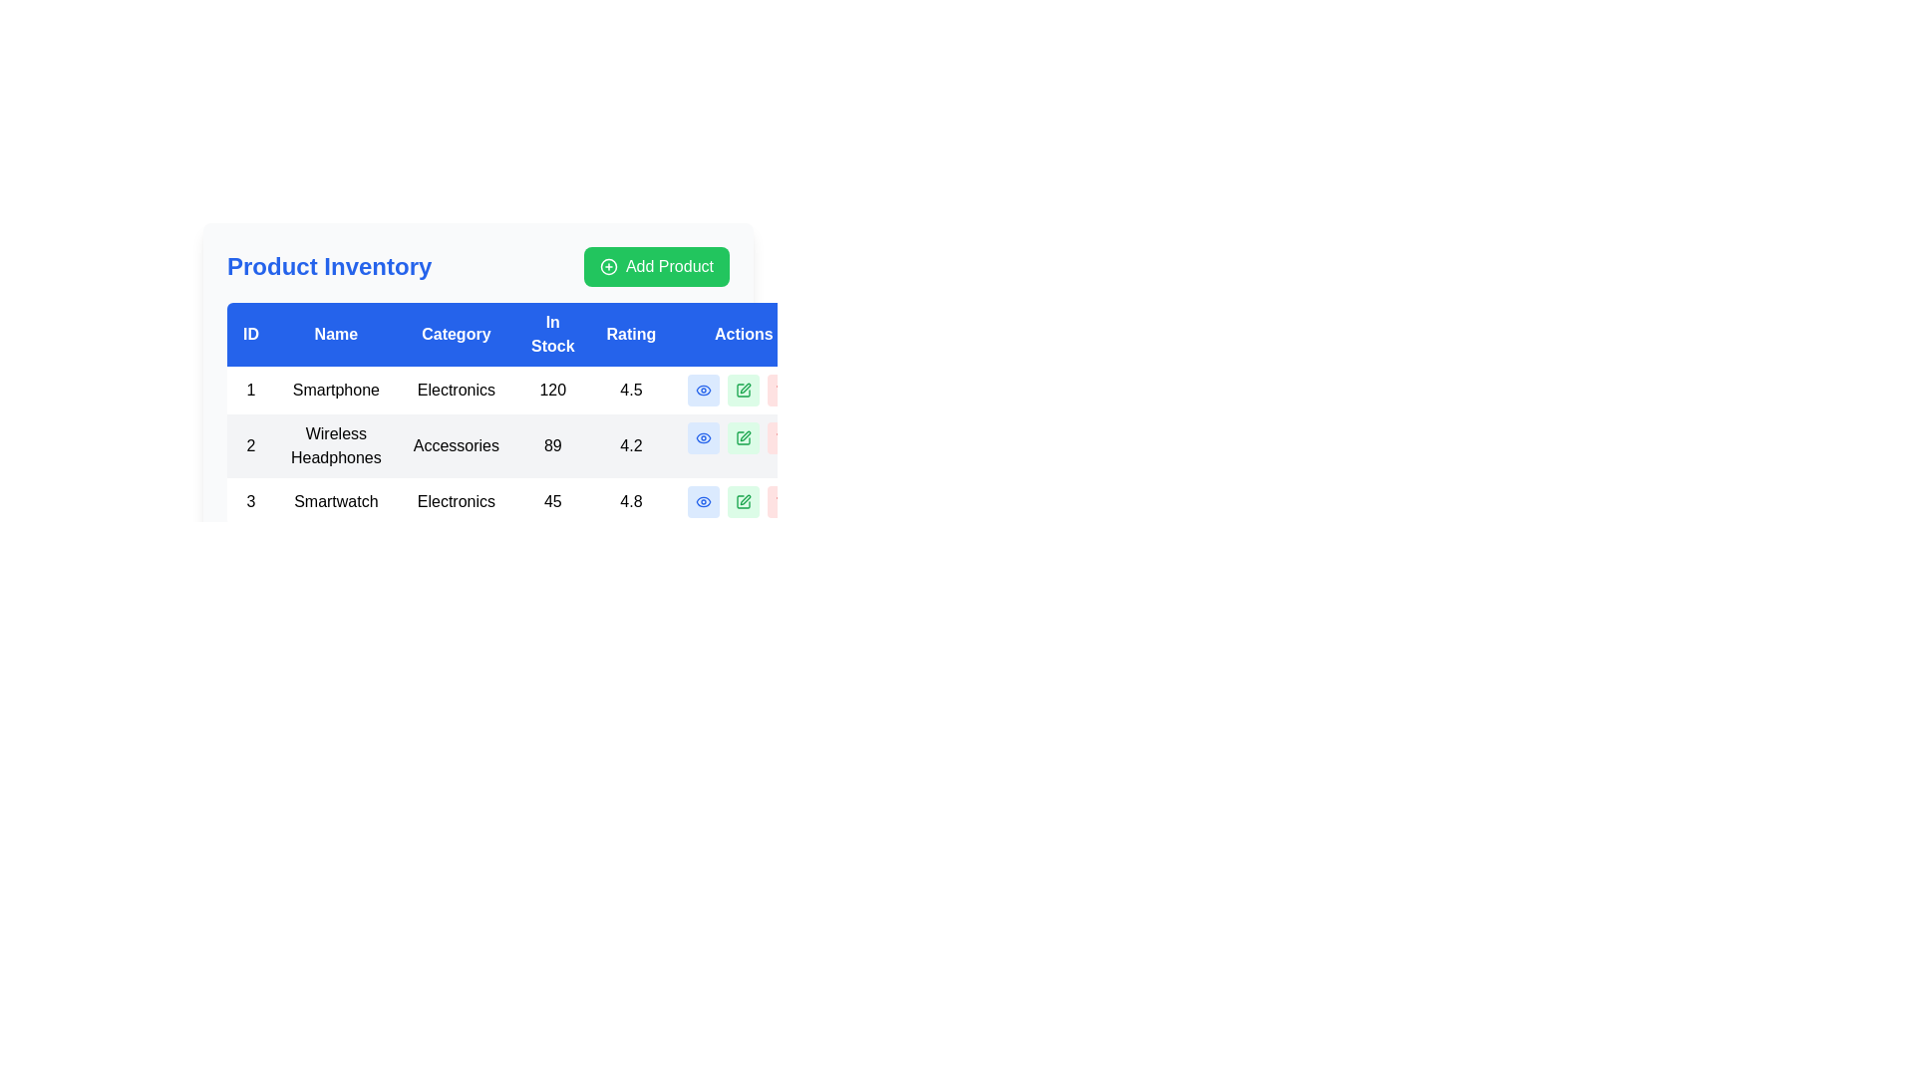 This screenshot has width=1914, height=1076. Describe the element at coordinates (704, 501) in the screenshot. I see `the eye icon button in the 'Actions' column of the 'Product Inventory' section` at that location.